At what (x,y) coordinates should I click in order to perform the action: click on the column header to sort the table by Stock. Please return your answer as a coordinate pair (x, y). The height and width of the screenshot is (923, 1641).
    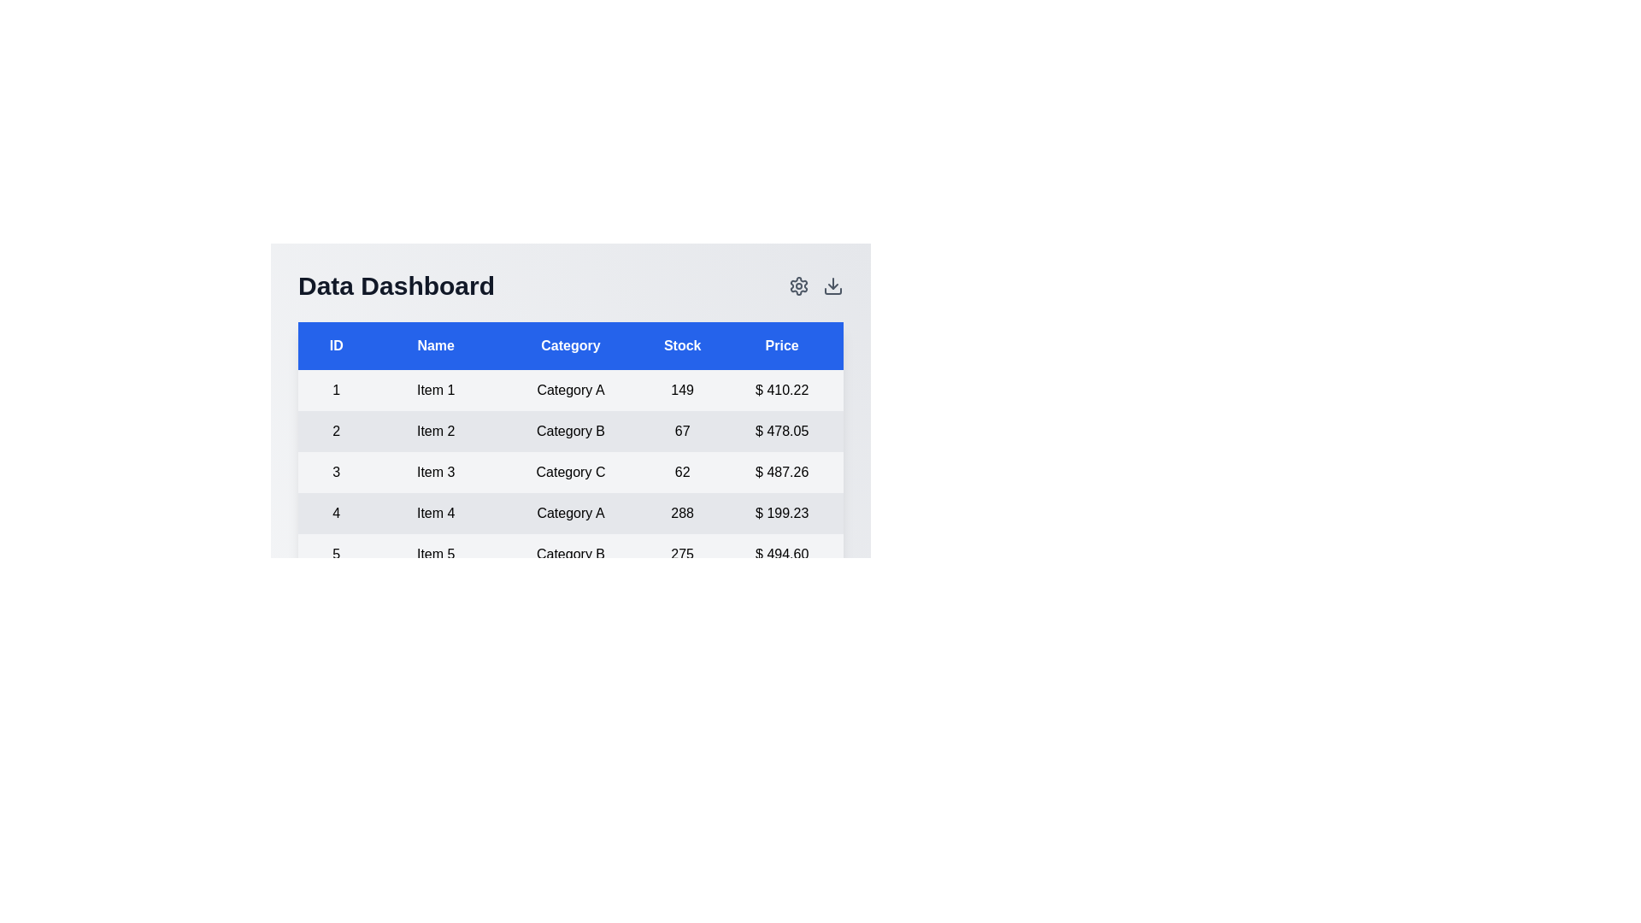
    Looking at the image, I should click on (680, 346).